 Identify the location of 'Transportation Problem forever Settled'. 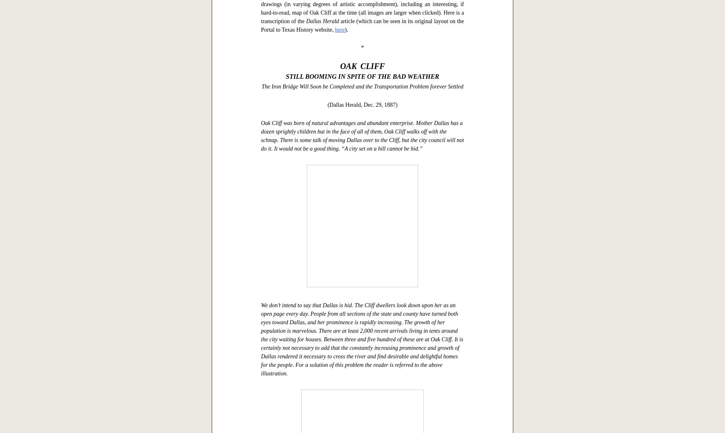
(419, 341).